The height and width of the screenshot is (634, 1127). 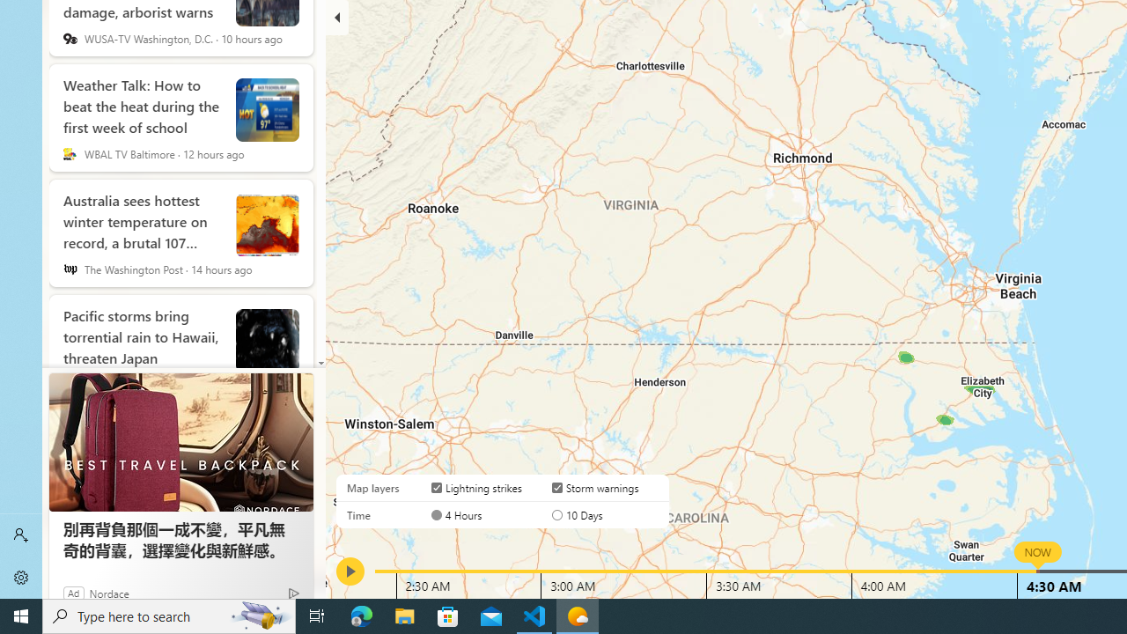 What do you see at coordinates (21, 577) in the screenshot?
I see `'Settings'` at bounding box center [21, 577].